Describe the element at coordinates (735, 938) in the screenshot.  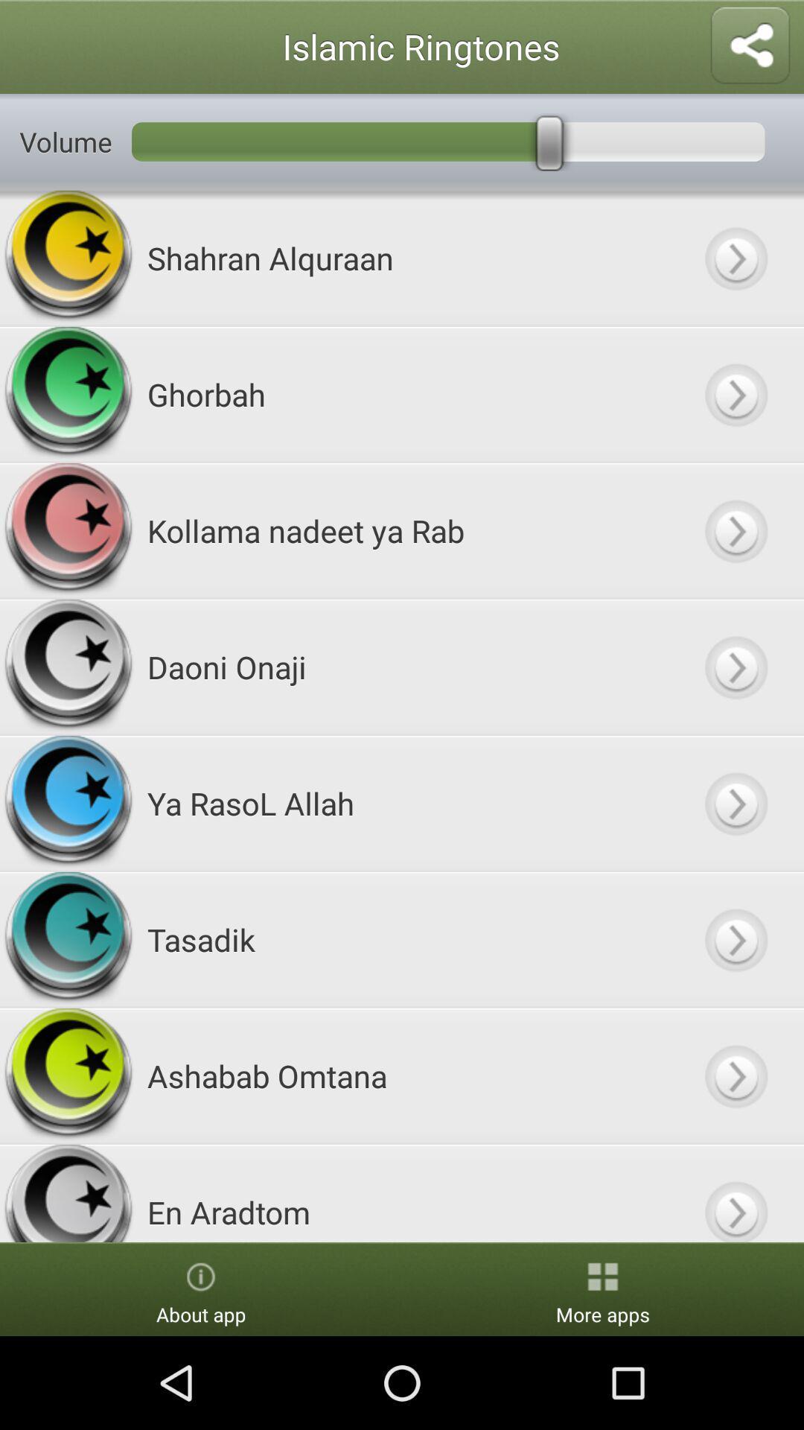
I see `button` at that location.